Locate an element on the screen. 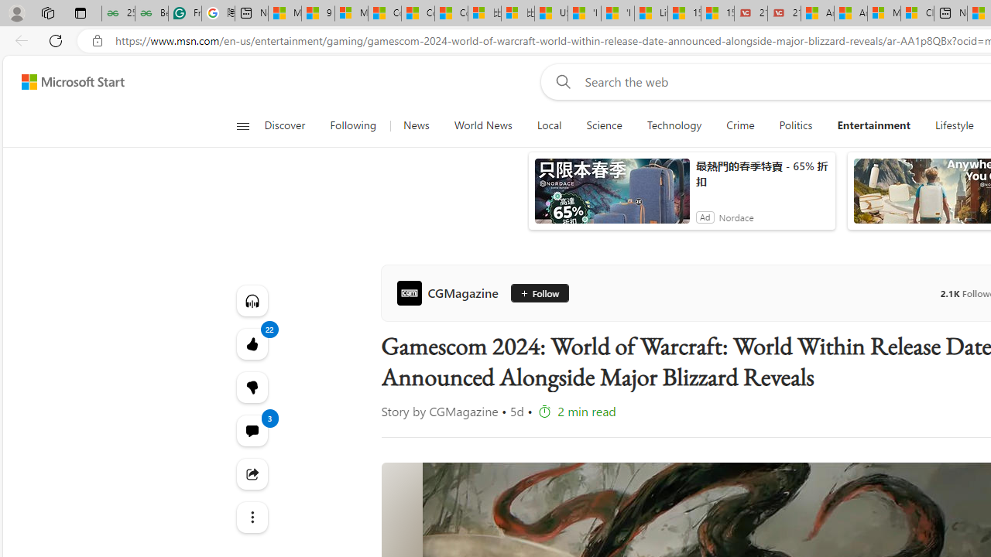  'Cloud Computing Services | Microsoft Azure' is located at coordinates (917, 13).